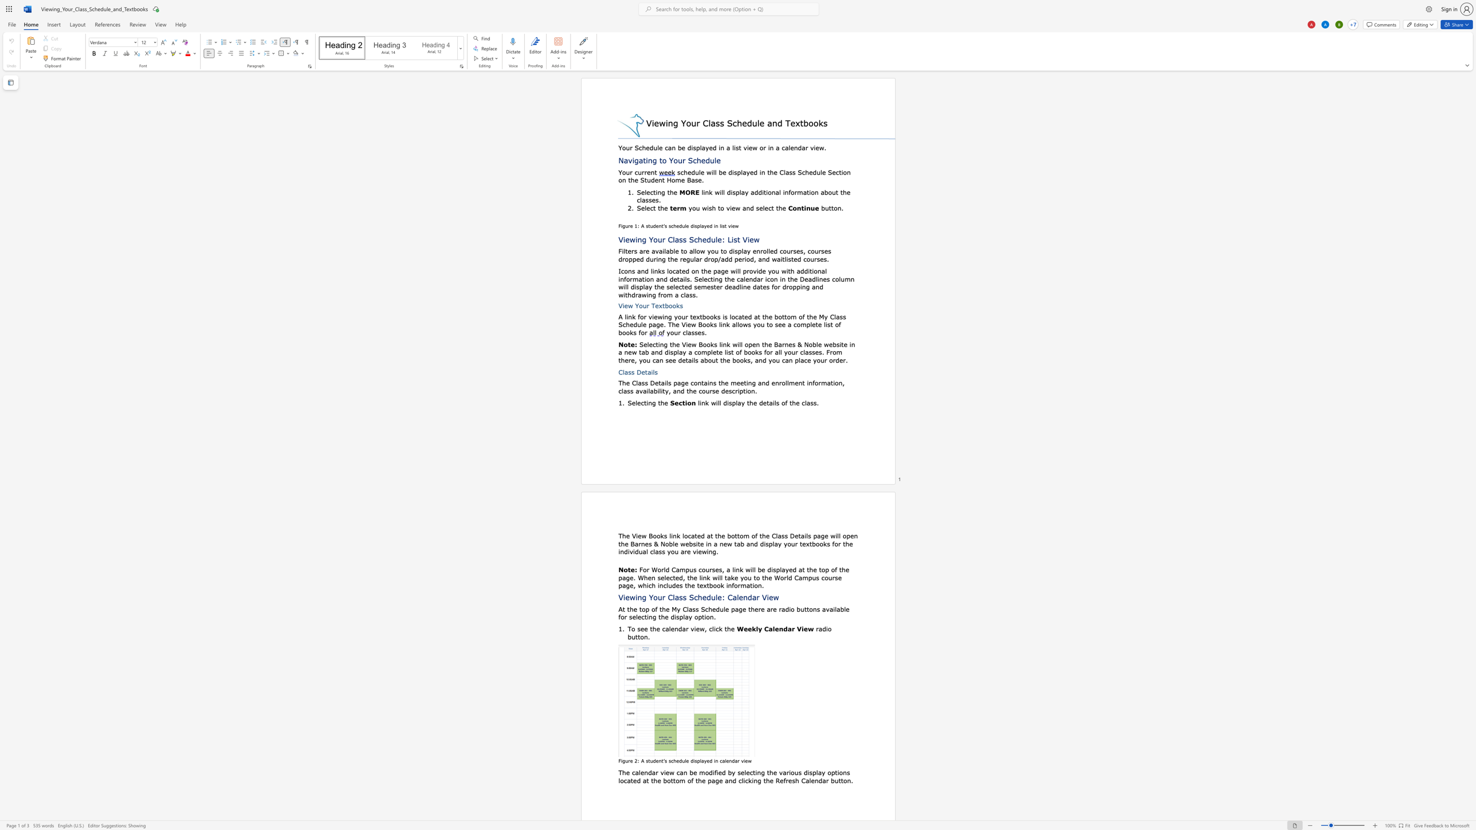 Image resolution: width=1476 pixels, height=830 pixels. What do you see at coordinates (722, 761) in the screenshot?
I see `the space between the continuous character "c" and "a" in the text` at bounding box center [722, 761].